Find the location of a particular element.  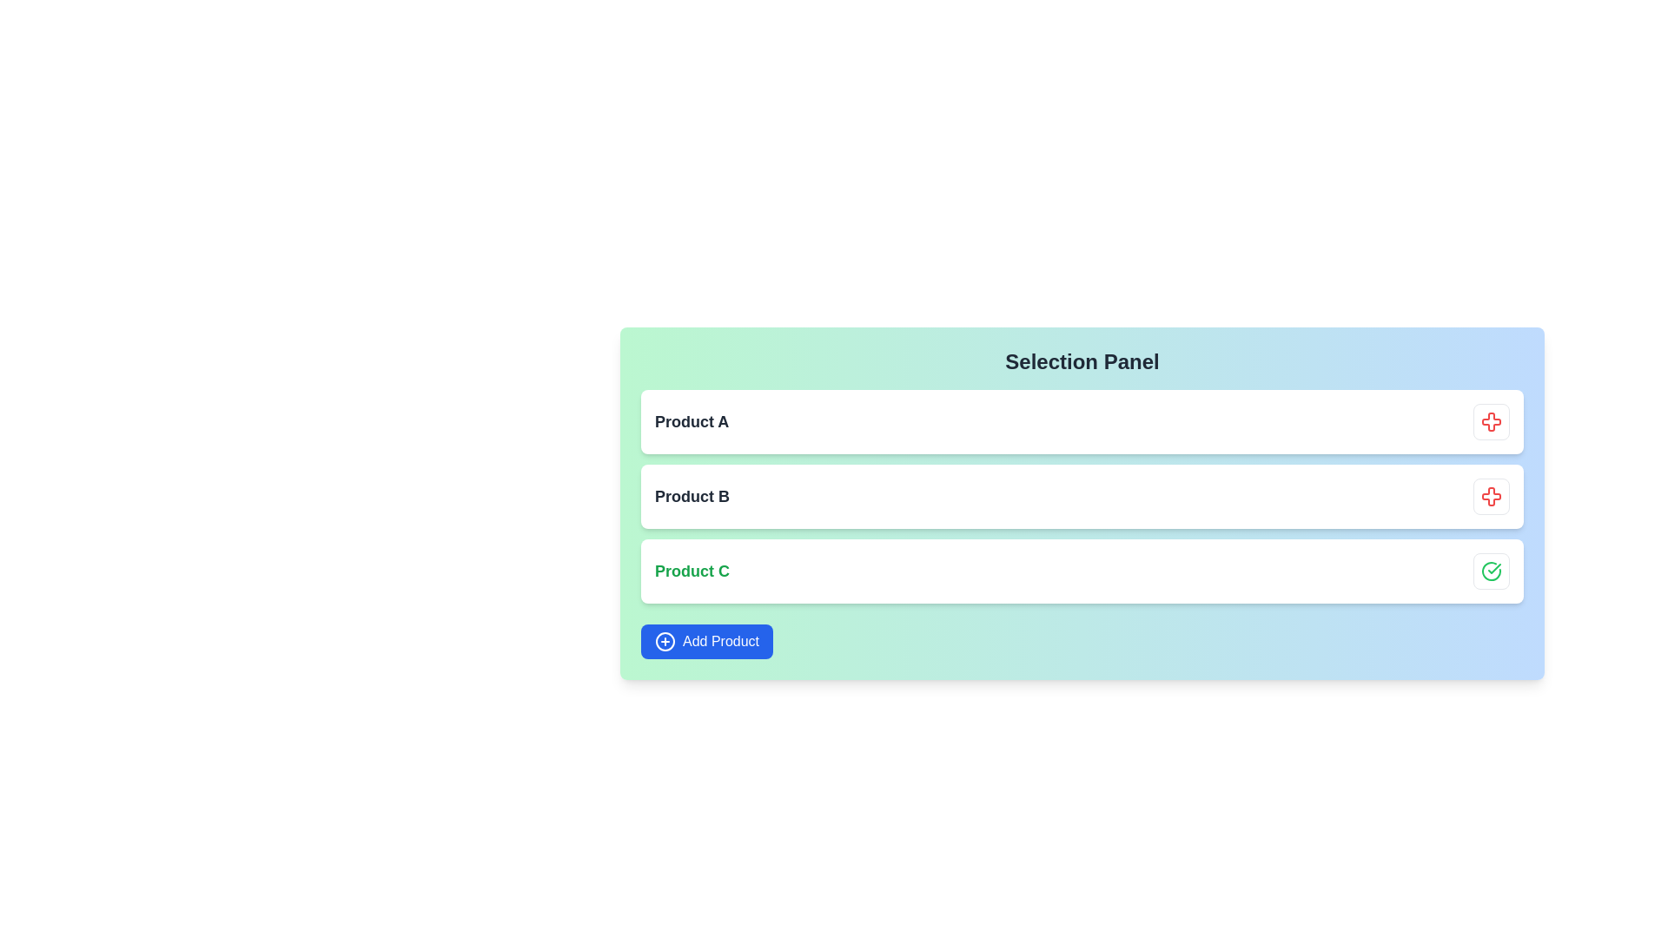

the red cross-shaped icon located at the top right of the second row in the list is located at coordinates (1491, 496).